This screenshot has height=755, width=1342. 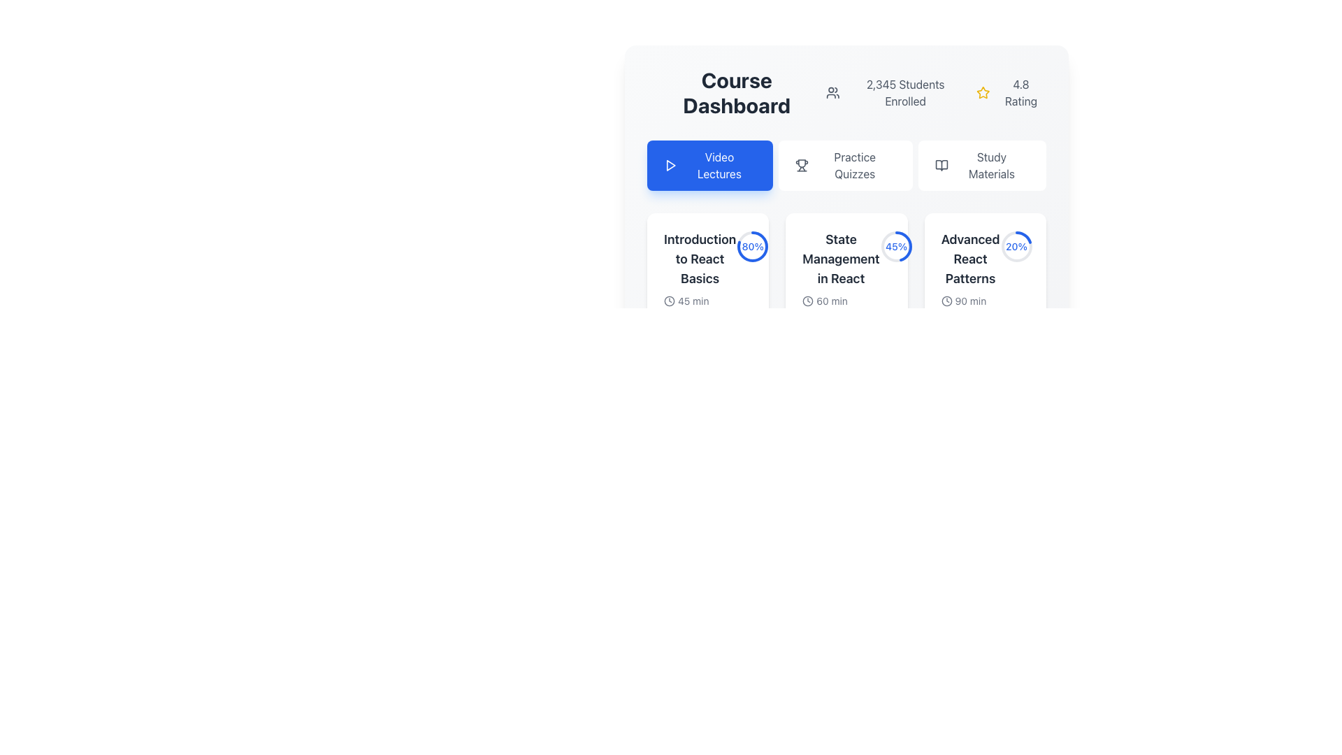 What do you see at coordinates (840, 278) in the screenshot?
I see `the Informational card located in the center column of the course layout` at bounding box center [840, 278].